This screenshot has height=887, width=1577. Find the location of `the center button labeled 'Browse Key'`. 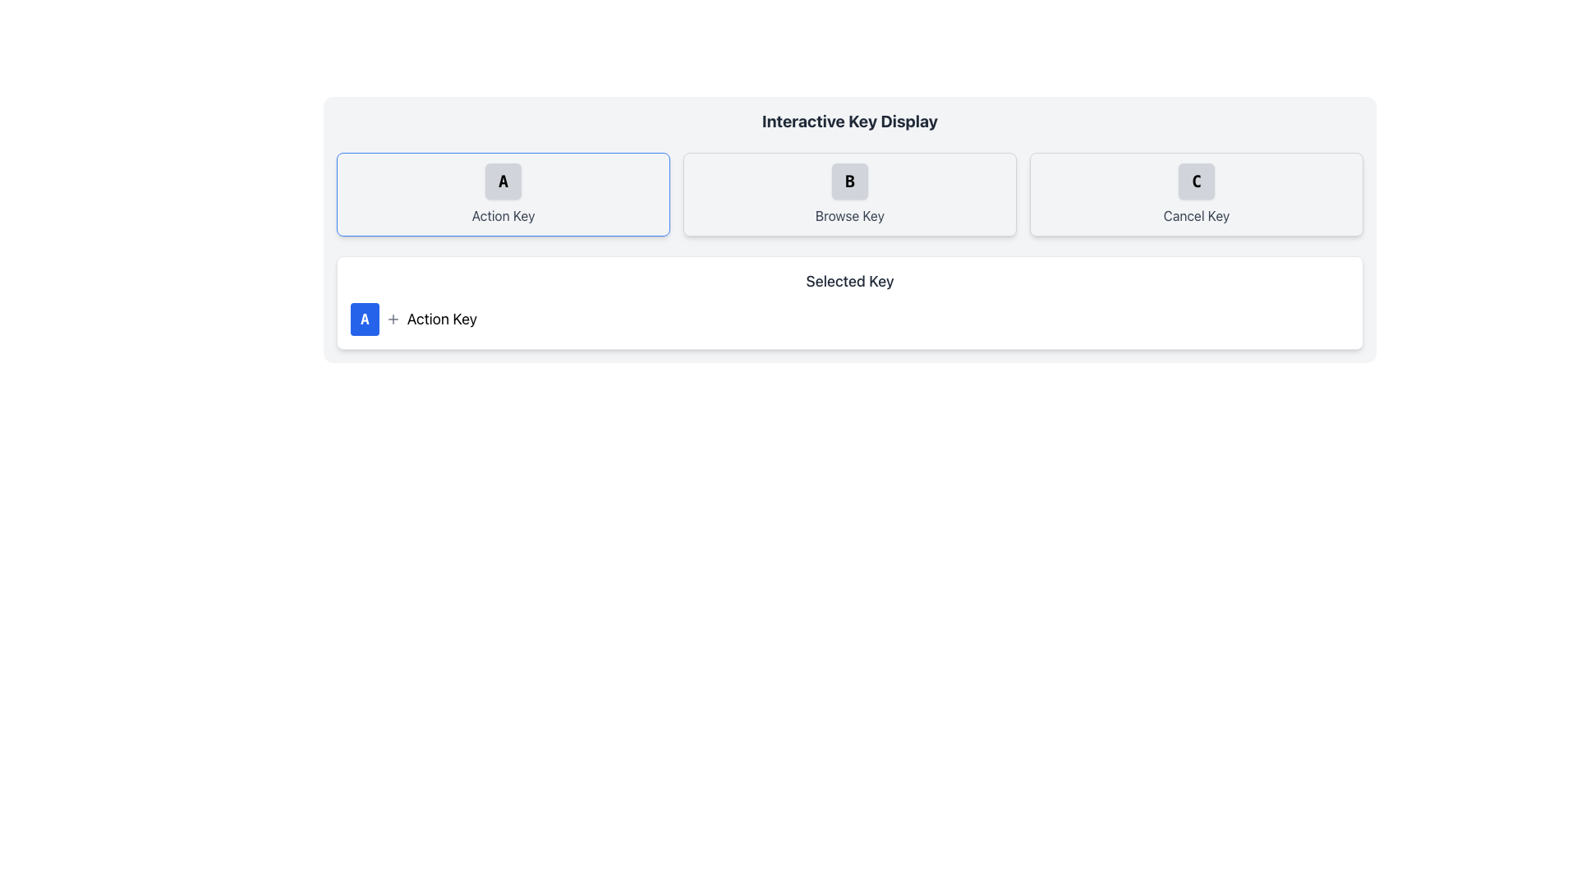

the center button labeled 'Browse Key' is located at coordinates (850, 193).